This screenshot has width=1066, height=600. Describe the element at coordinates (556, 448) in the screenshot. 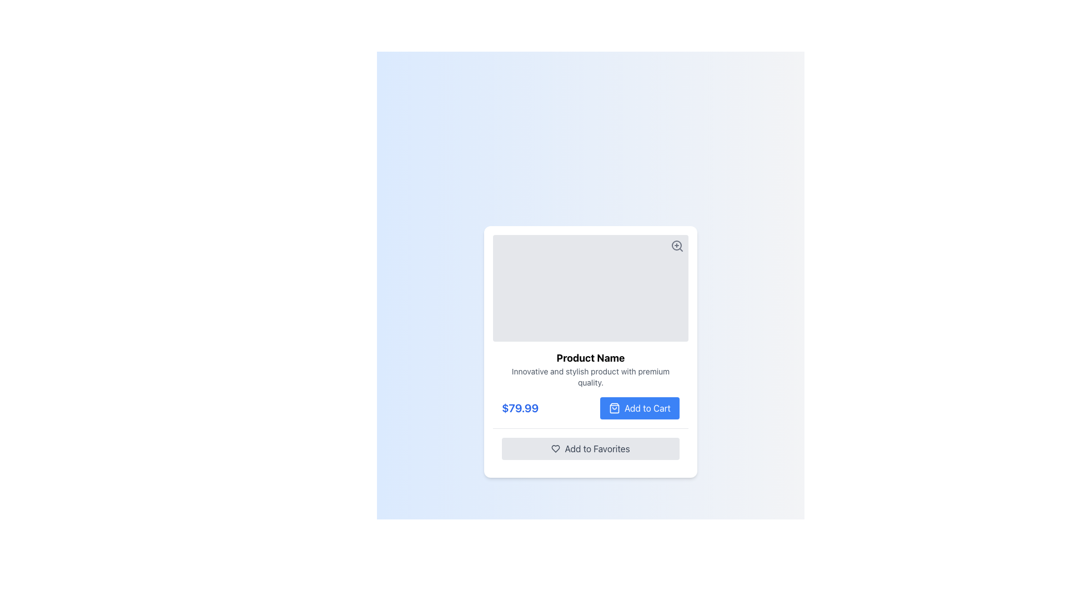

I see `the heart-shaped icon located inside the 'Add to Favorites' button, positioned to the left of the text 'Add to Favorites'` at that location.